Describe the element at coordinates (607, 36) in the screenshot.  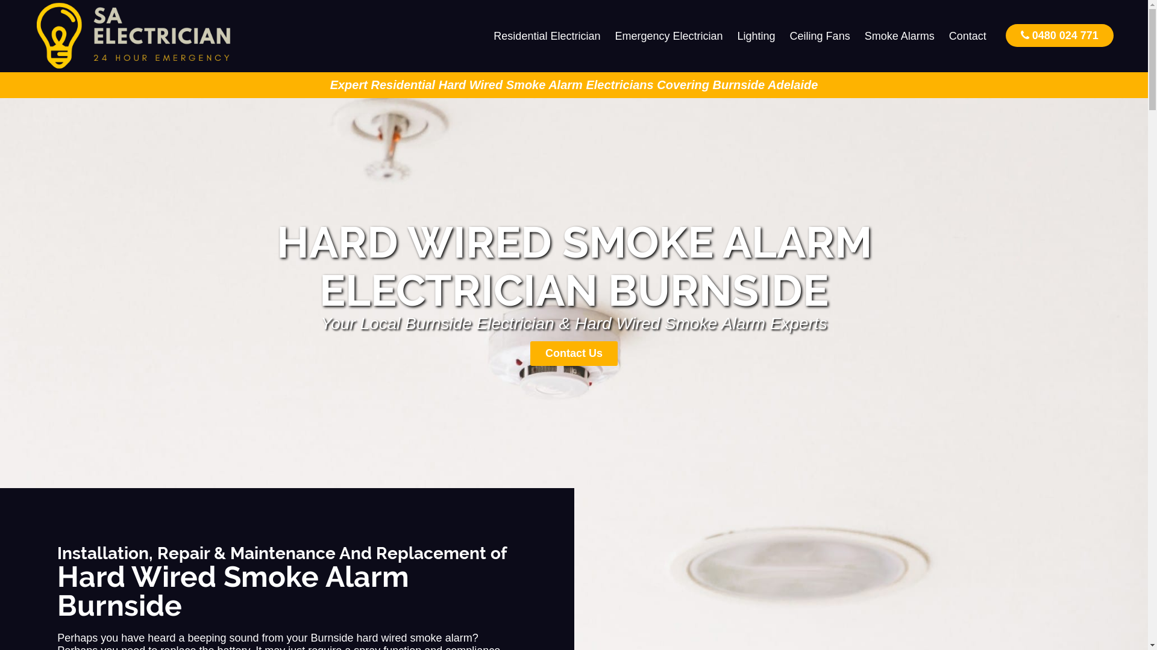
I see `'Emergency Electrician'` at that location.